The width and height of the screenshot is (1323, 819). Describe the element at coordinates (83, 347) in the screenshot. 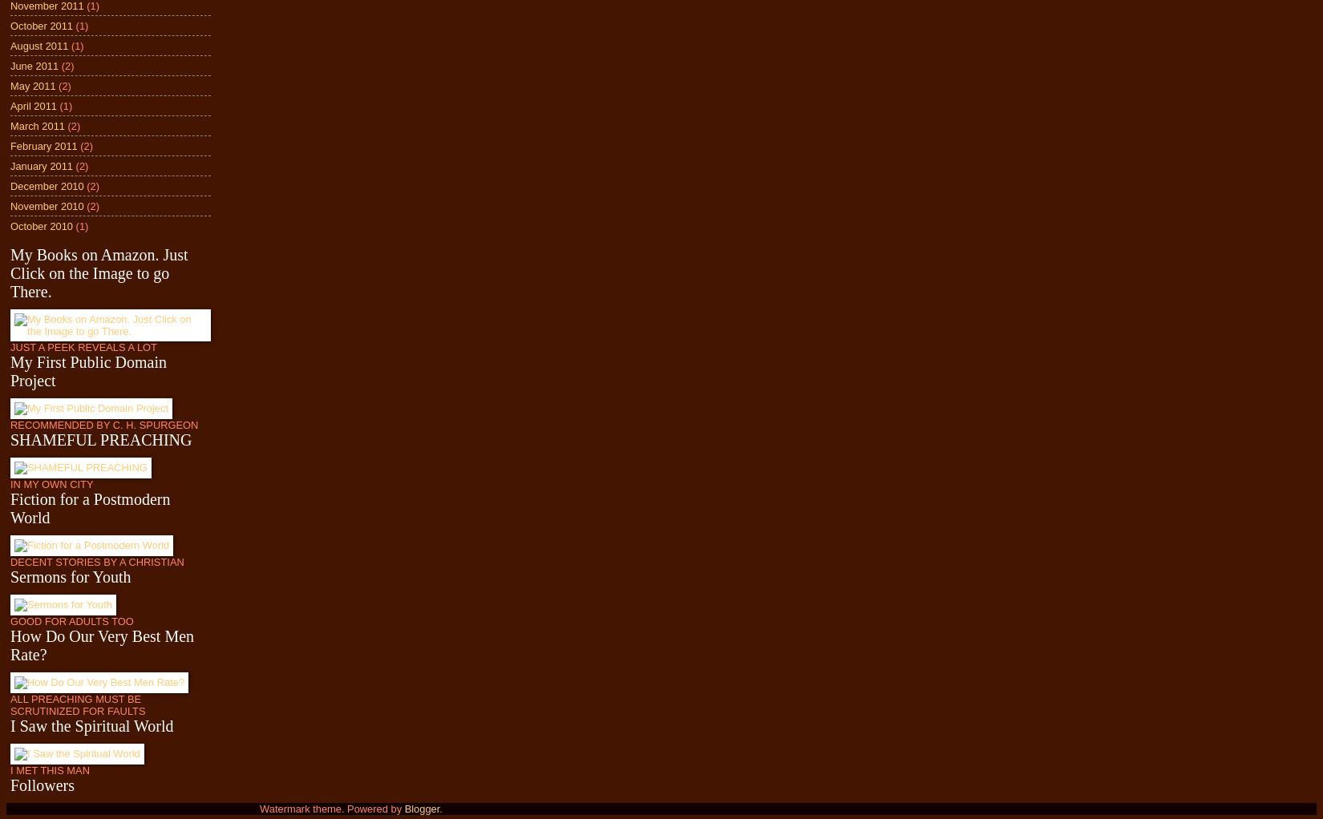

I see `'JUST A PEEK REVEALS A LOT'` at that location.